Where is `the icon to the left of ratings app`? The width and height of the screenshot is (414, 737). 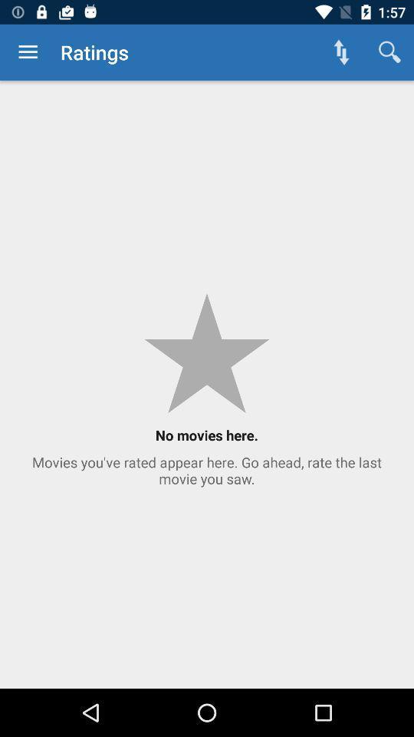
the icon to the left of ratings app is located at coordinates (28, 52).